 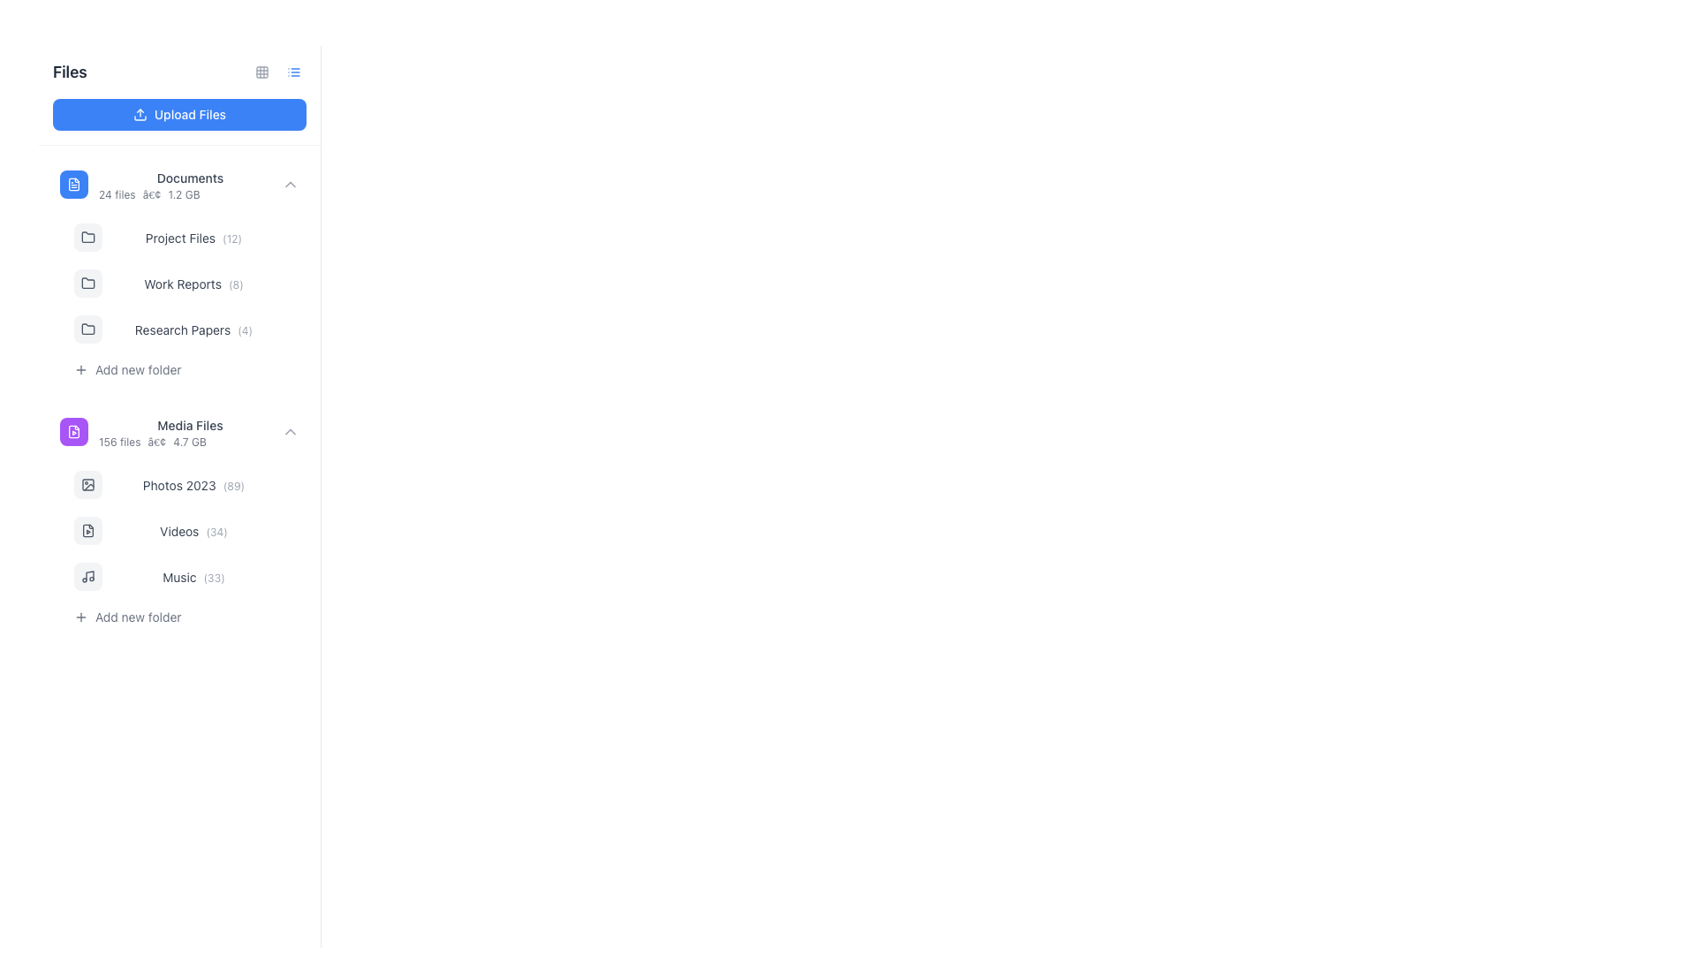 What do you see at coordinates (79, 369) in the screenshot?
I see `the Icon button located in the left-hand panel under the 'Documents' section` at bounding box center [79, 369].